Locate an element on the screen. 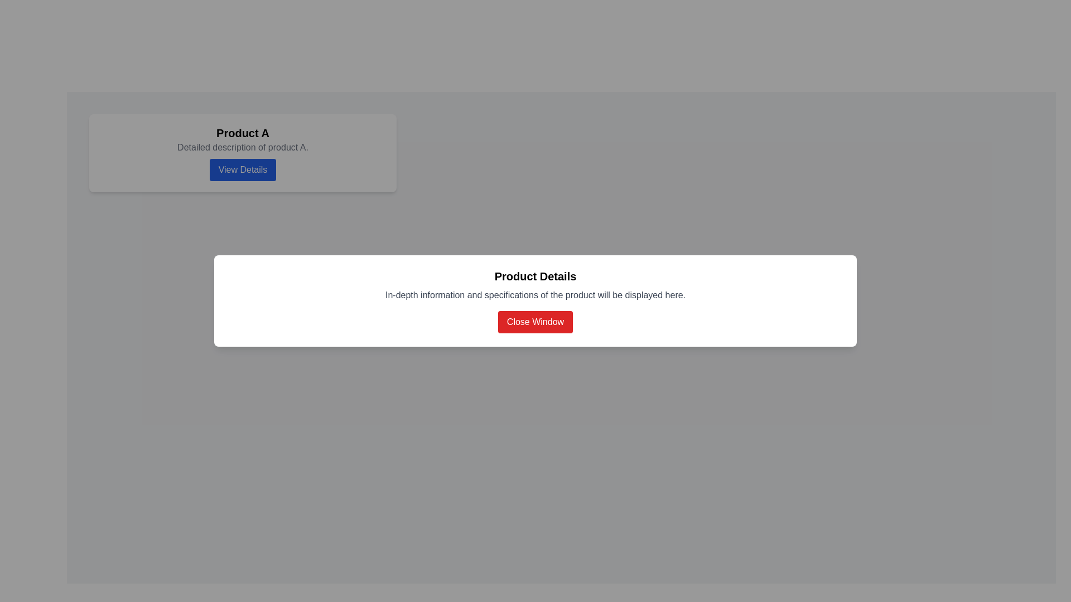 The height and width of the screenshot is (602, 1071). the 'View Details' button located on the first product card in the top left corner of the grid layout is located at coordinates (242, 153).